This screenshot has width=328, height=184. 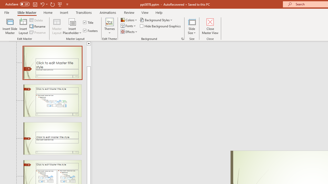 I want to click on 'Preserve', so click(x=38, y=32).